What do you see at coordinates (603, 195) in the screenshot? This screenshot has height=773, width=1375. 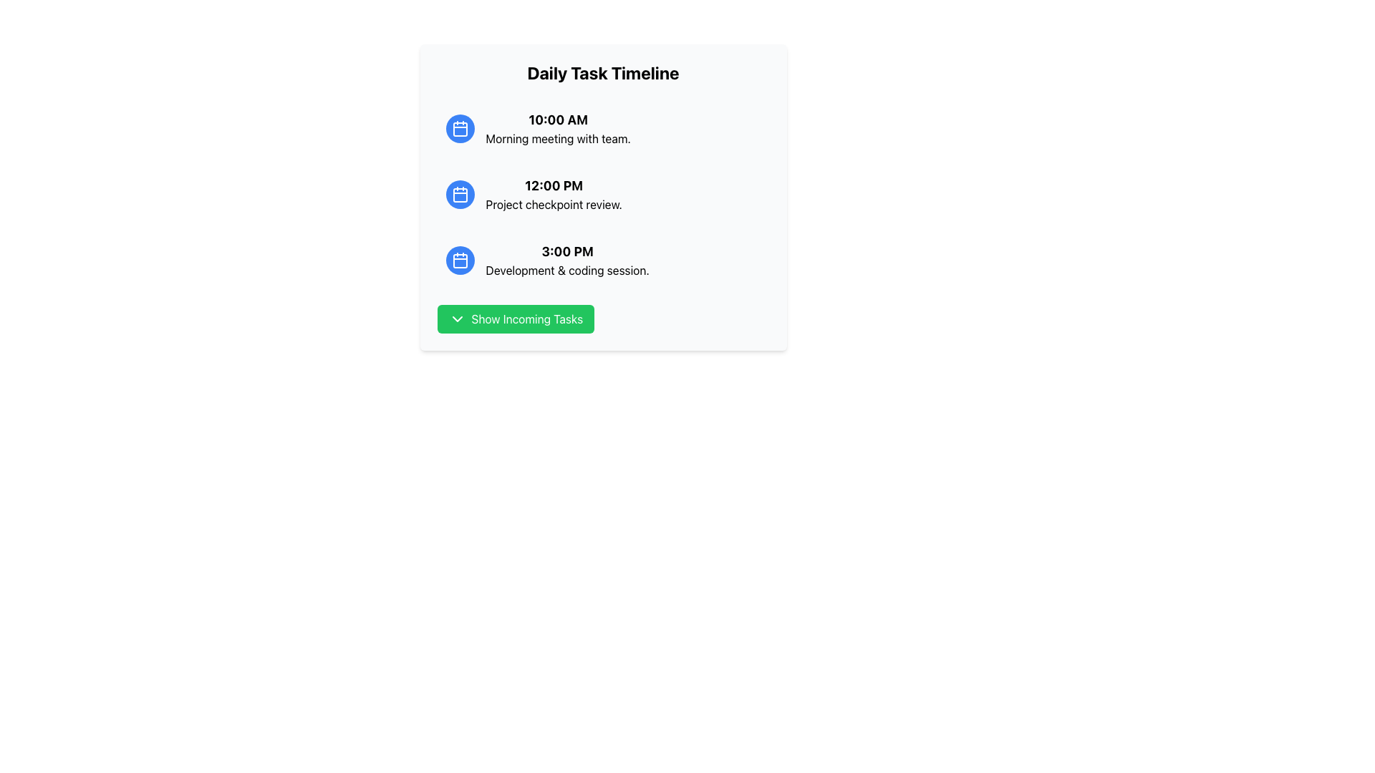 I see `the second list item in the 'Daily Task Timeline' section that represents a scheduled task or event, positioned between '10:00 AM Morning meeting with team.' and '3:00 PM Development & coding session.'` at bounding box center [603, 195].